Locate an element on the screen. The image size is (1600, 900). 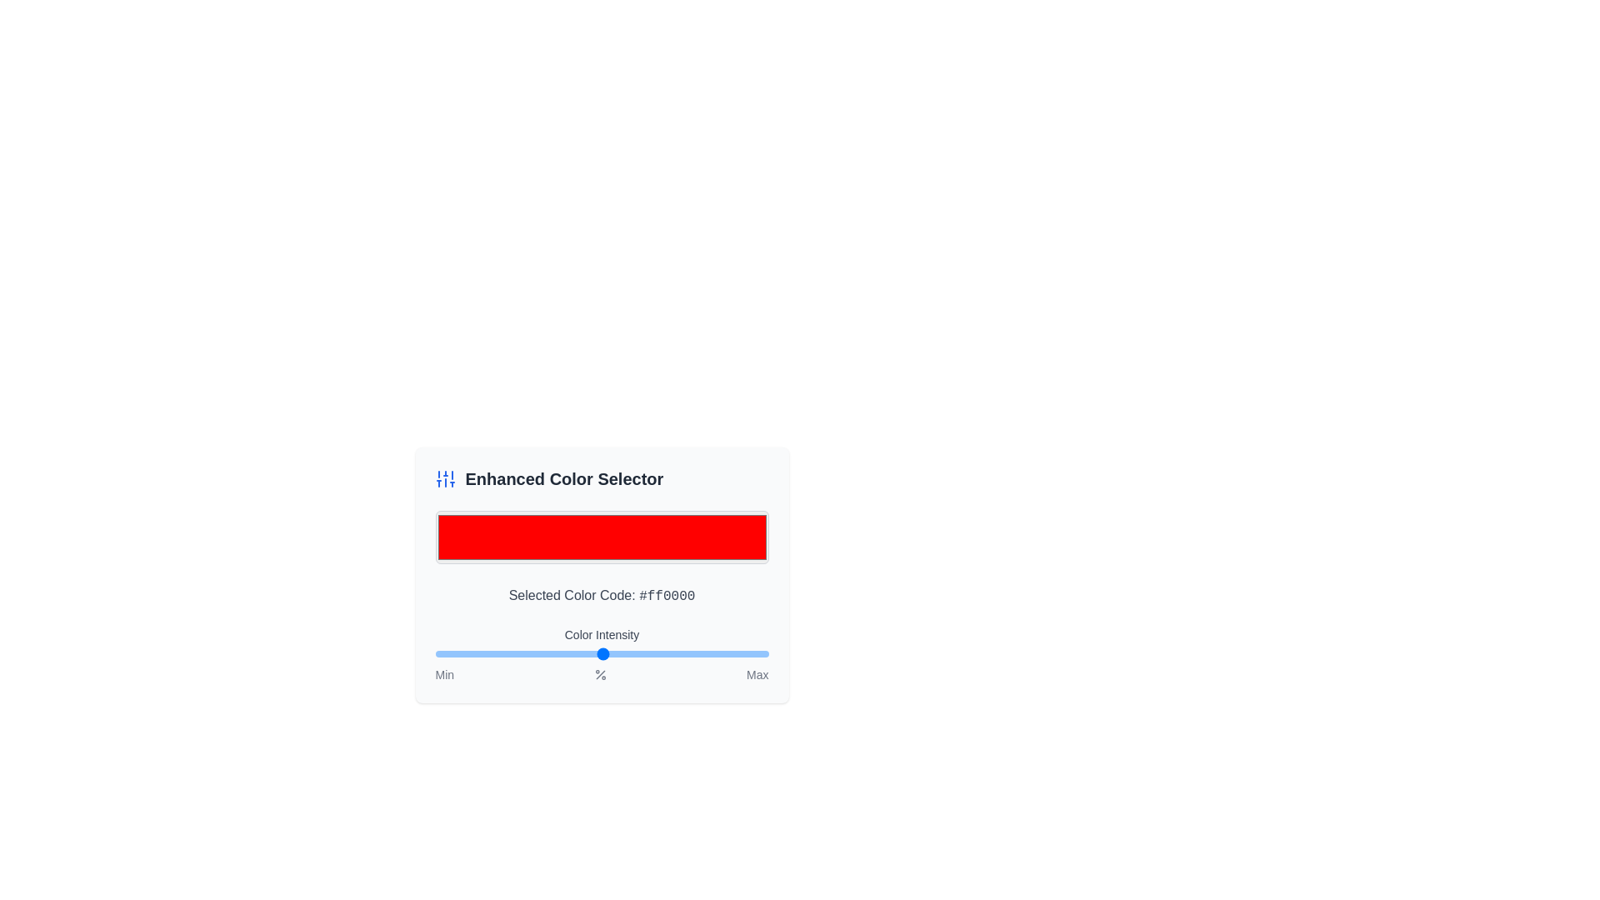
the slider value is located at coordinates (580, 653).